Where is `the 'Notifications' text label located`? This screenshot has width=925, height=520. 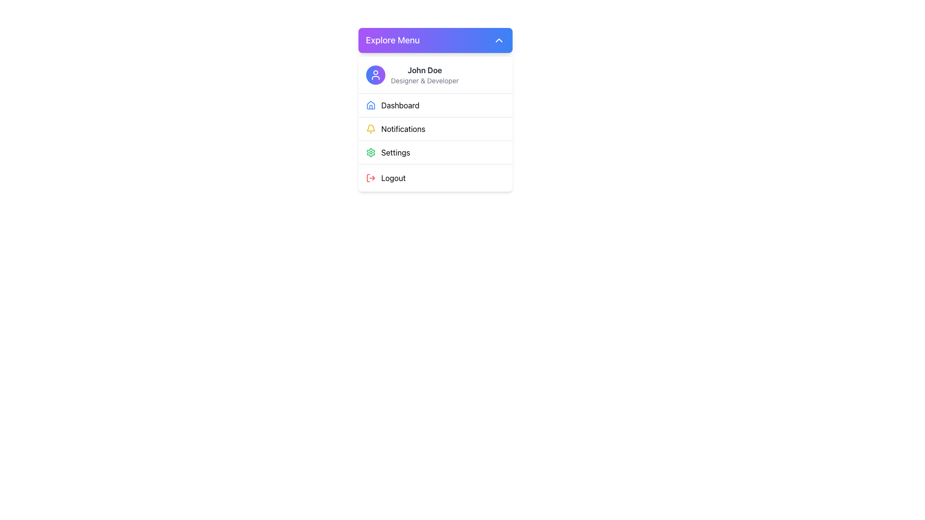
the 'Notifications' text label located is located at coordinates (403, 128).